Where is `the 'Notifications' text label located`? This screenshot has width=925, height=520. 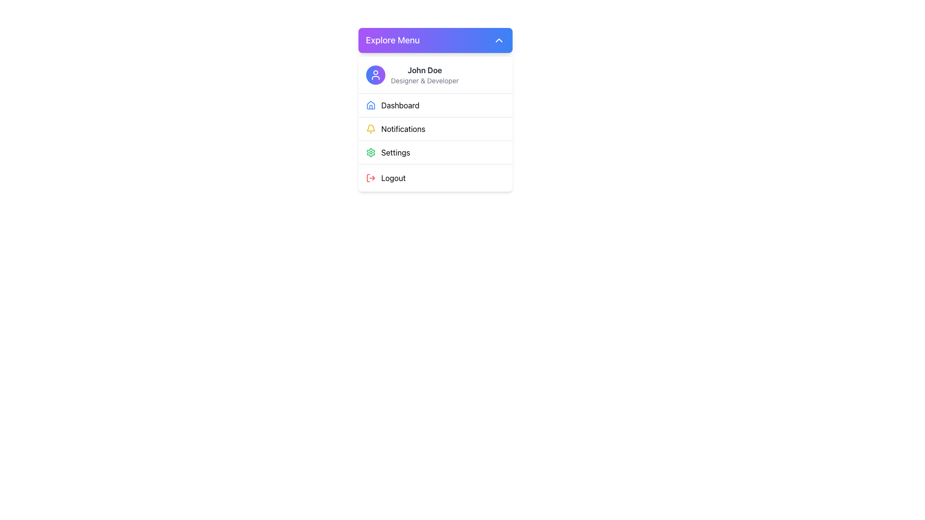
the 'Notifications' text label located is located at coordinates (403, 128).